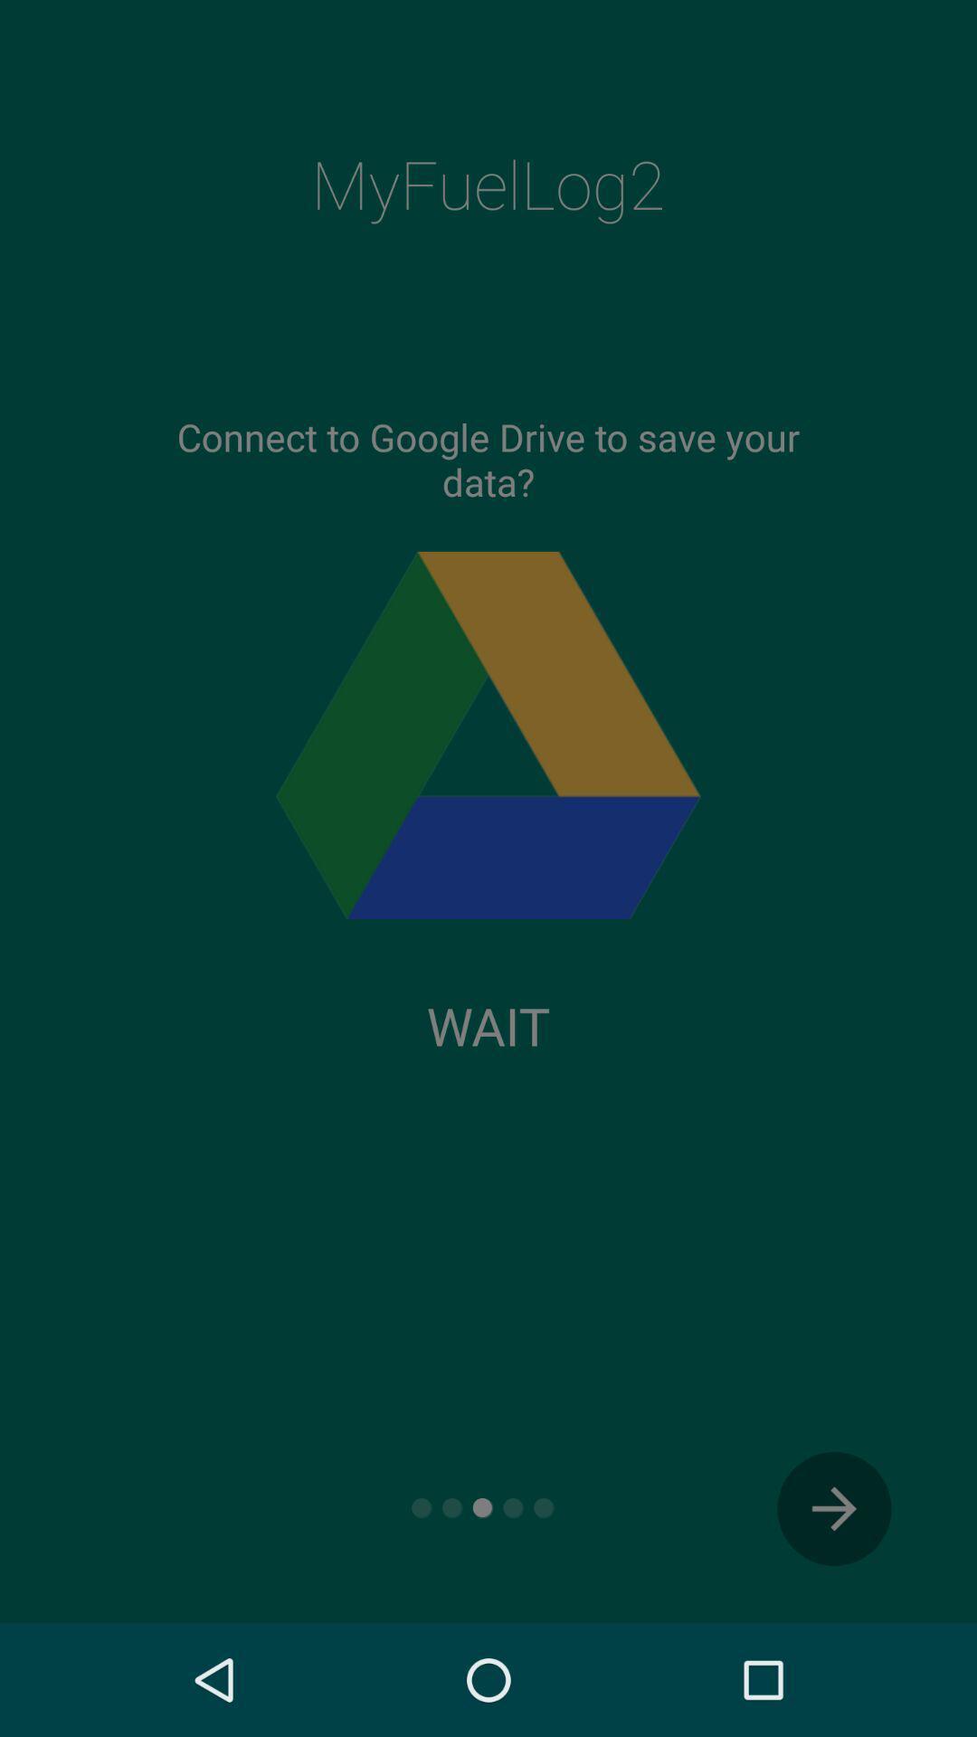 The image size is (977, 1737). I want to click on the icon at the bottom right corner, so click(834, 1509).